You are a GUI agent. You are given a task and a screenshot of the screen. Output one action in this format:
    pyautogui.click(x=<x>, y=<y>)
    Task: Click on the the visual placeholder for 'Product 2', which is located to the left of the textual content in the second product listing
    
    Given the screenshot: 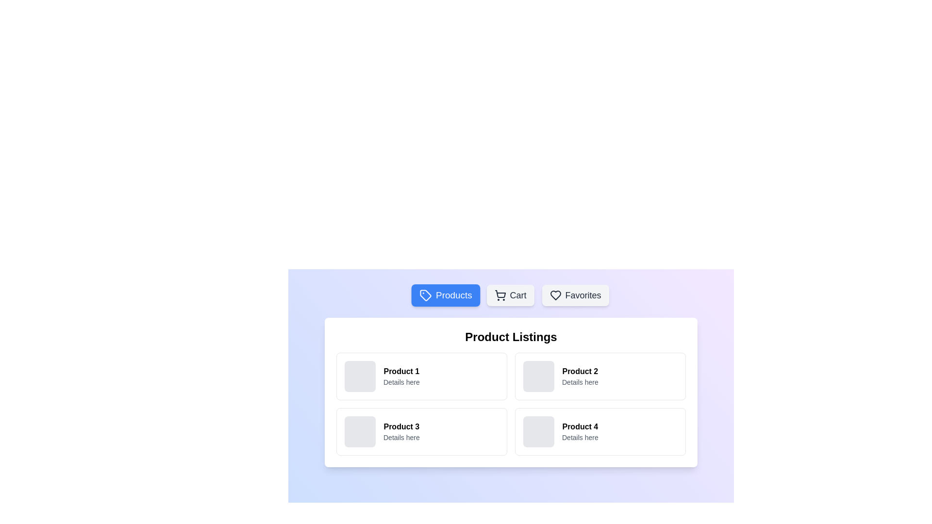 What is the action you would take?
    pyautogui.click(x=538, y=376)
    